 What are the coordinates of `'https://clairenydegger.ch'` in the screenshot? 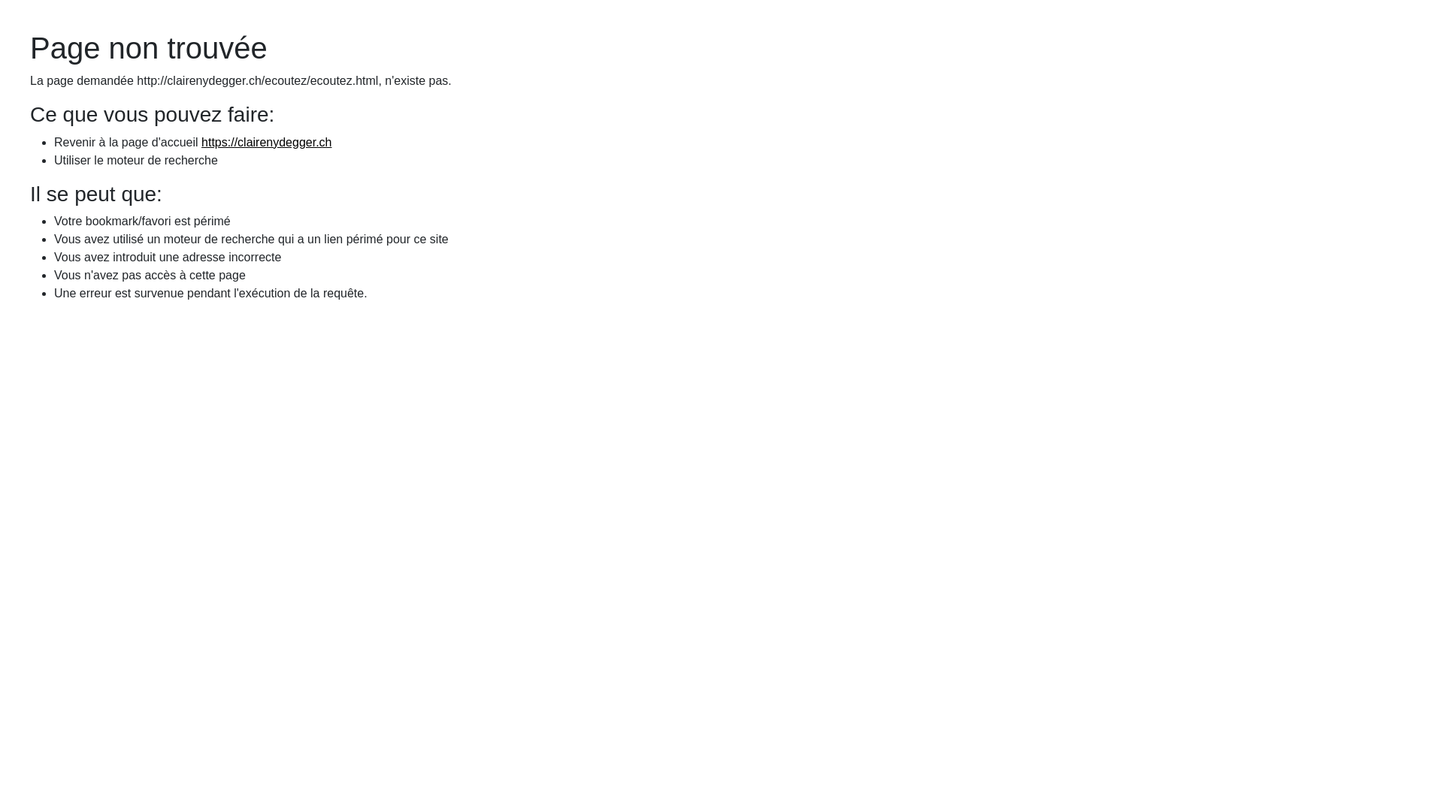 It's located at (201, 142).